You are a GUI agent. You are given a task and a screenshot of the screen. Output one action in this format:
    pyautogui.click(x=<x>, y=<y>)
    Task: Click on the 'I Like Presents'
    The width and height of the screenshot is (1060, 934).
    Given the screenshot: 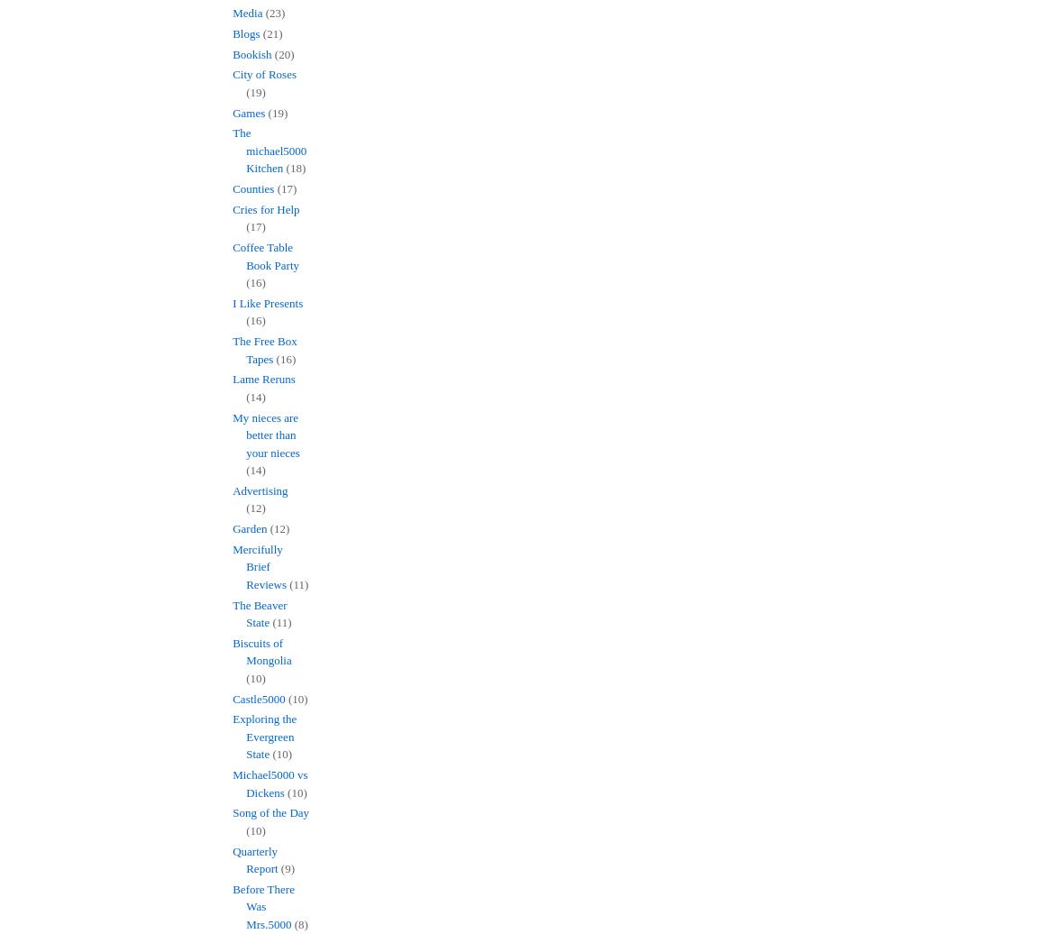 What is the action you would take?
    pyautogui.click(x=267, y=302)
    